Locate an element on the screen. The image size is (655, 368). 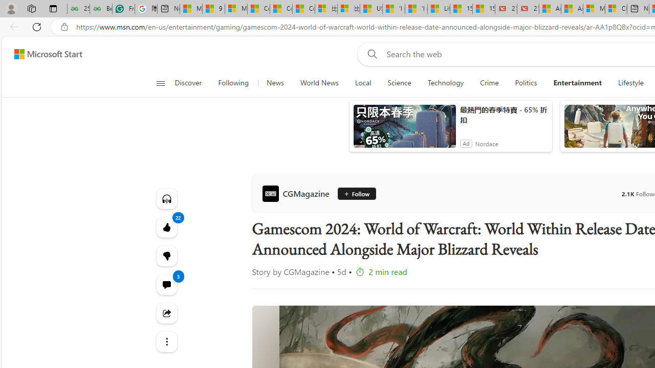
'Skip to content' is located at coordinates (44, 54).